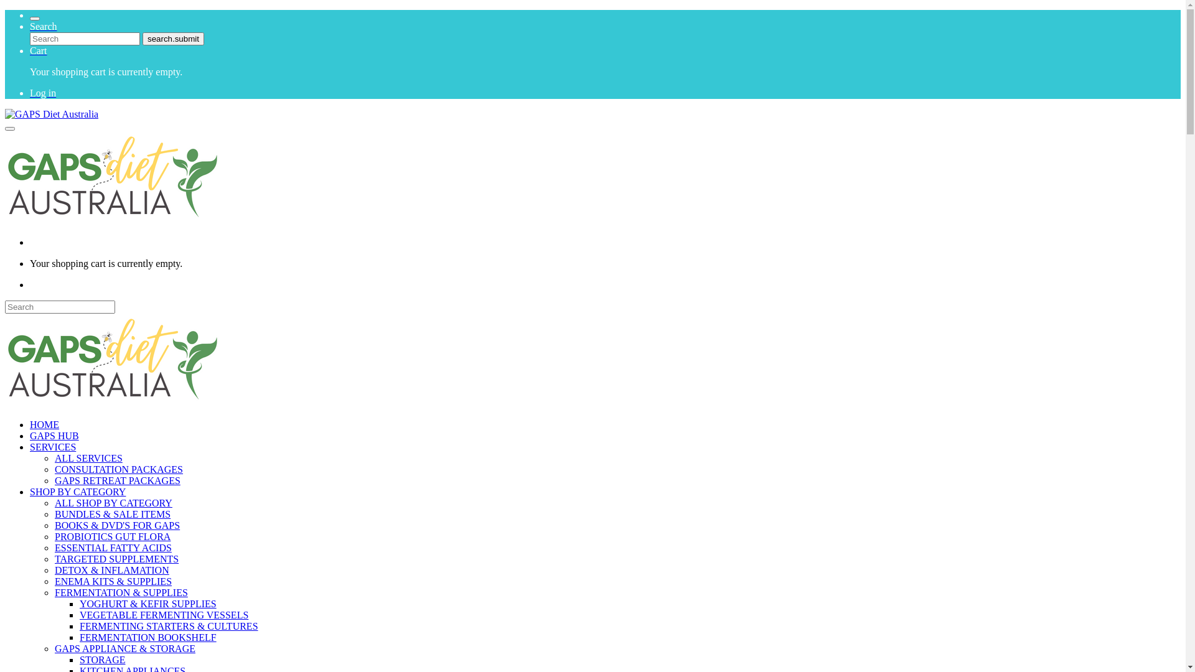 The image size is (1195, 672). I want to click on 'FERMENTATION & SUPPLIES', so click(121, 592).